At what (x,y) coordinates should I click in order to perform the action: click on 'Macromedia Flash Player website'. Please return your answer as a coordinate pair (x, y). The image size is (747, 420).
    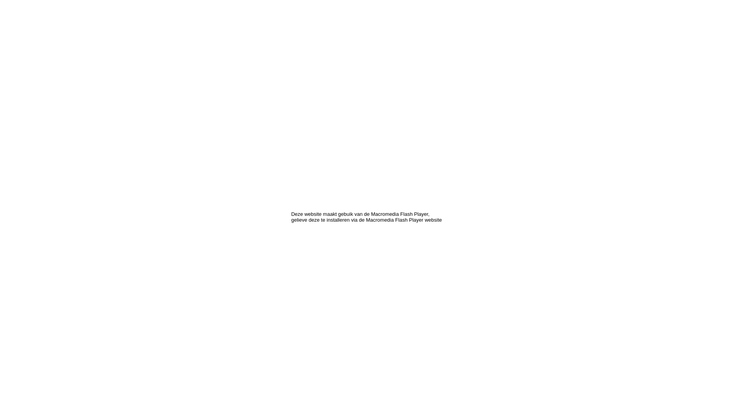
    Looking at the image, I should click on (404, 220).